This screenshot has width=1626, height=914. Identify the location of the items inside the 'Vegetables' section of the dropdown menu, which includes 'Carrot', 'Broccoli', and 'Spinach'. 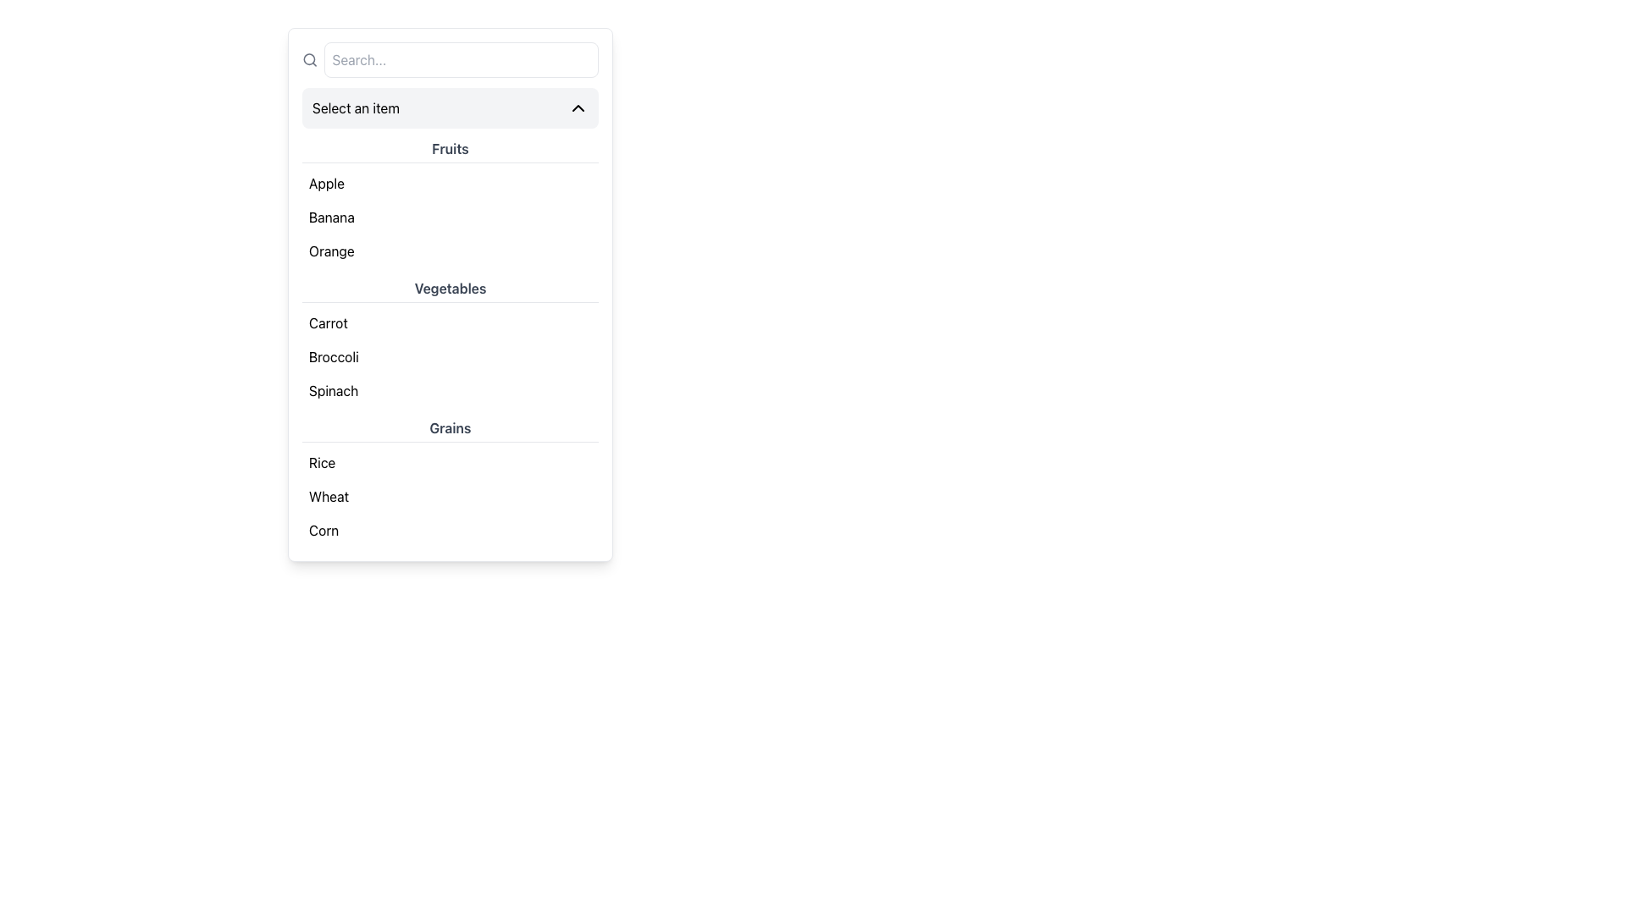
(451, 343).